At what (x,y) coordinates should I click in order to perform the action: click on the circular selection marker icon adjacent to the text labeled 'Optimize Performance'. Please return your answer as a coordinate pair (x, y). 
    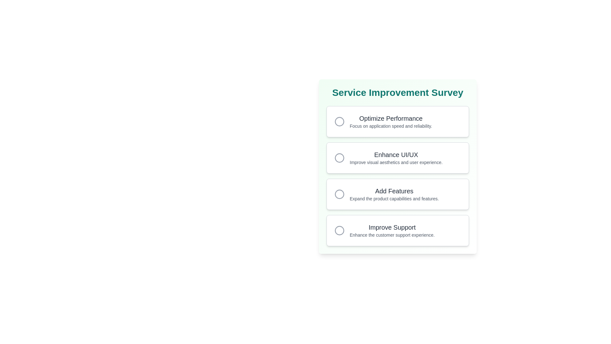
    Looking at the image, I should click on (339, 121).